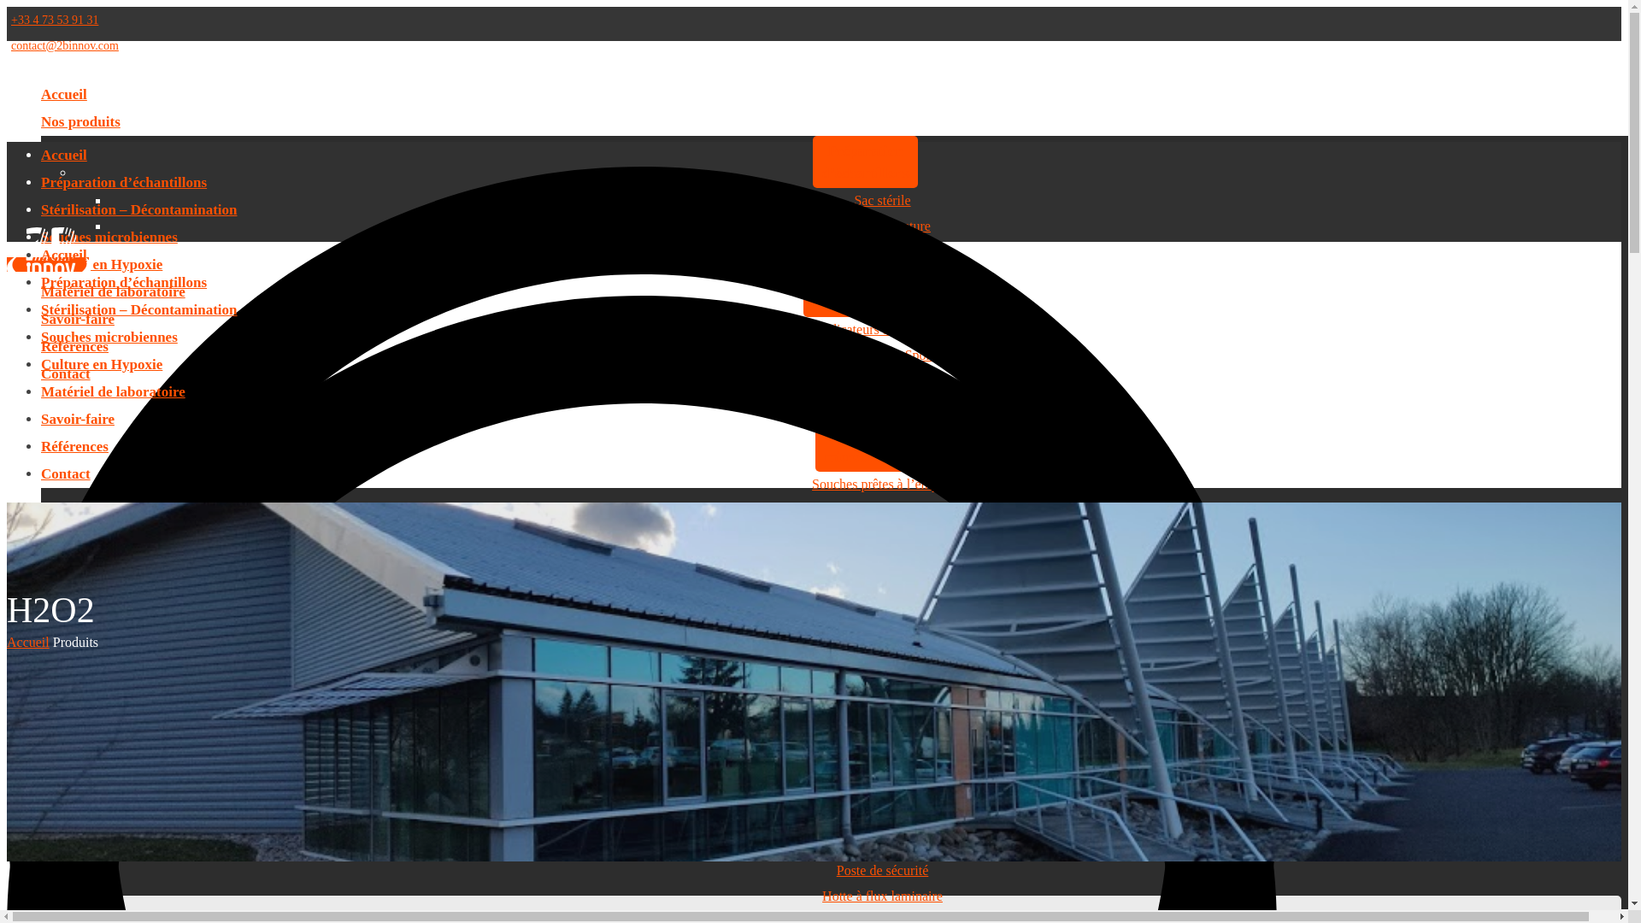  I want to click on 'Suspension de Spores', so click(882, 354).